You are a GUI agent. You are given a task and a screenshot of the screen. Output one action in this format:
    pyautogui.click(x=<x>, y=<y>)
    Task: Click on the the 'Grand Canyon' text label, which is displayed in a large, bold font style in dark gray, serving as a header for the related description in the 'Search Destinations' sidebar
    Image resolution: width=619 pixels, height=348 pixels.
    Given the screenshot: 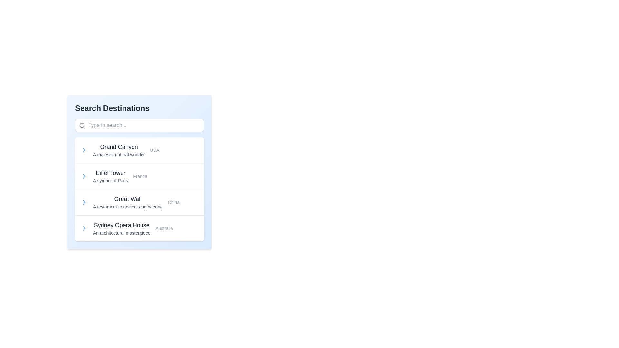 What is the action you would take?
    pyautogui.click(x=119, y=147)
    